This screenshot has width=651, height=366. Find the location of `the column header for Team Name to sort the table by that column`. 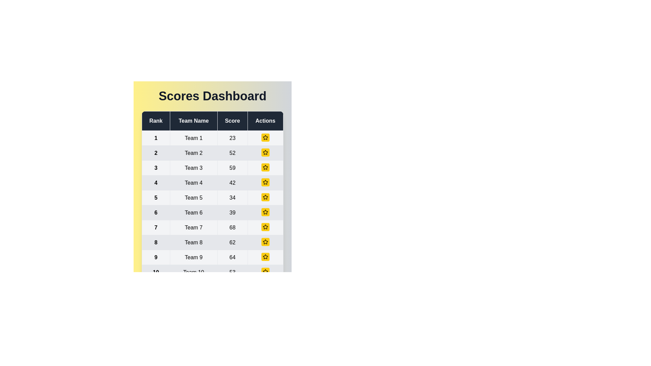

the column header for Team Name to sort the table by that column is located at coordinates (193, 121).